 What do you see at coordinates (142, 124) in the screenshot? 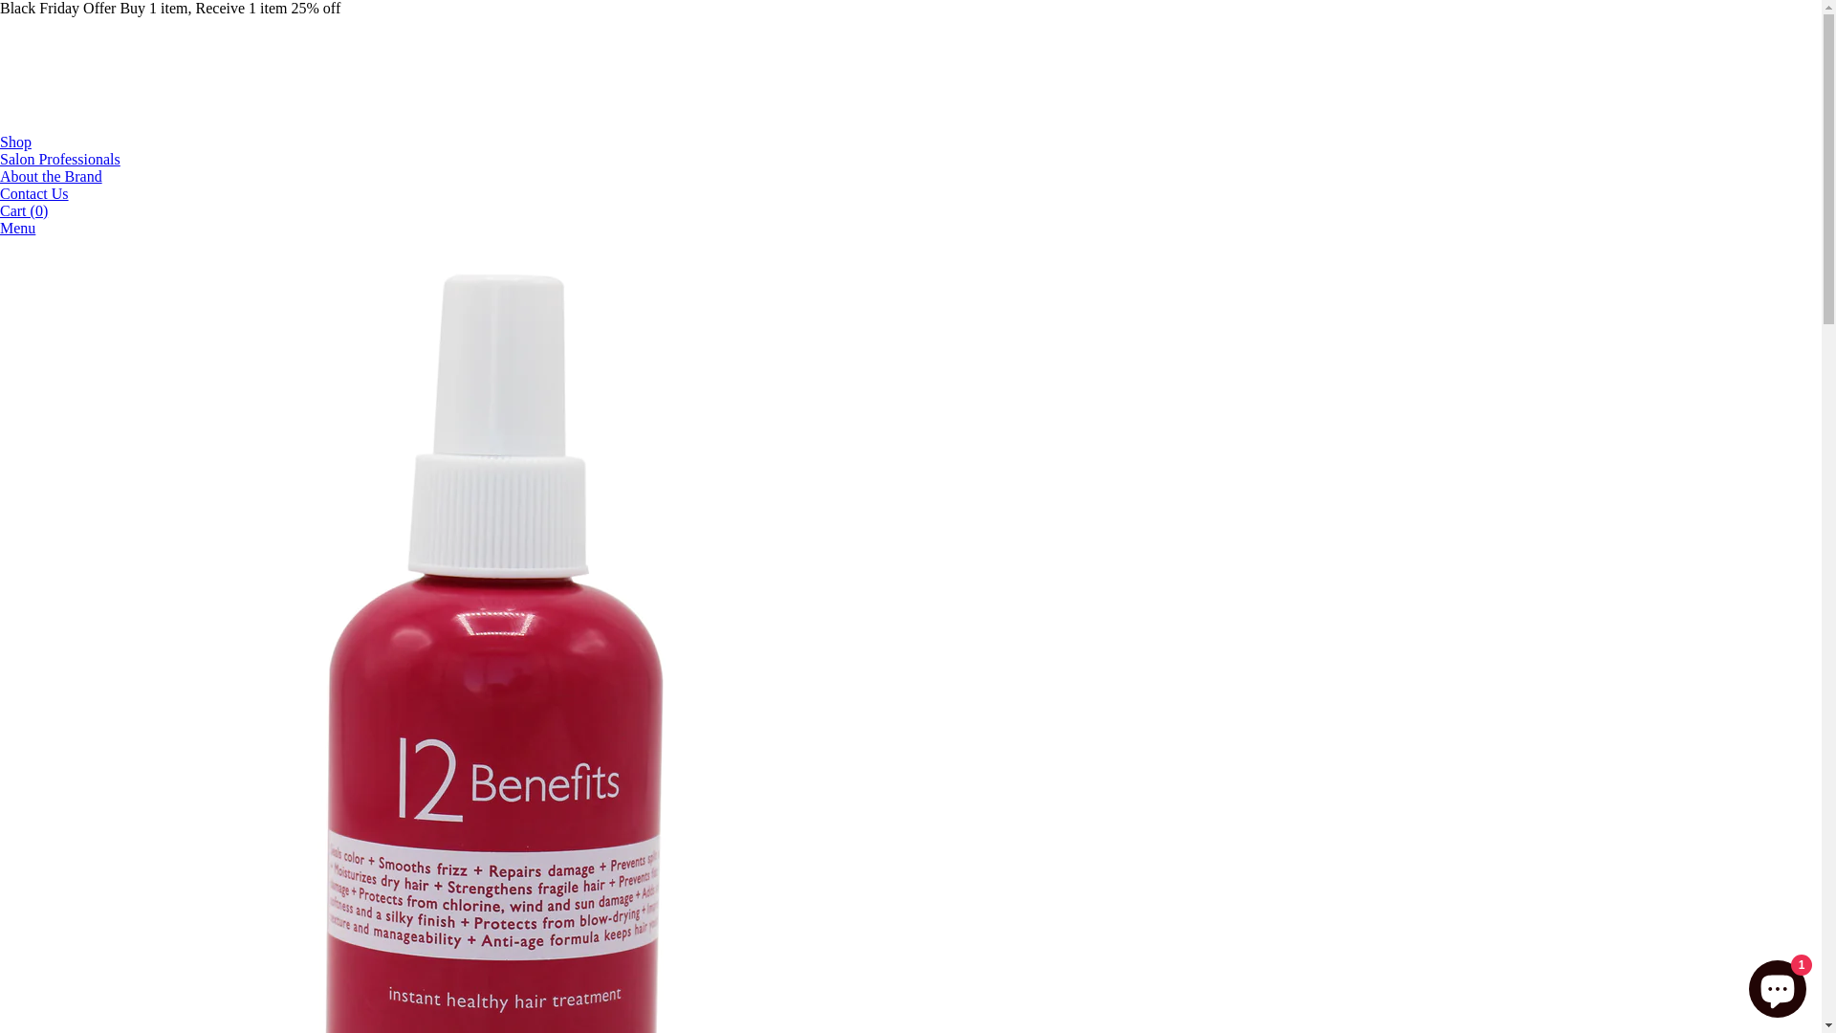
I see `'12benefits'` at bounding box center [142, 124].